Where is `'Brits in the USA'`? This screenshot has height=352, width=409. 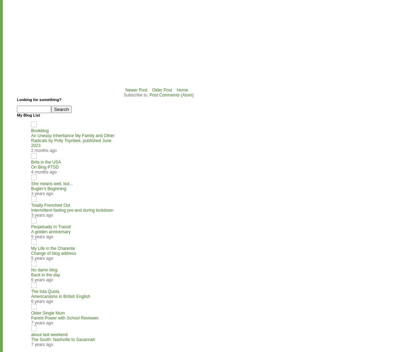 'Brits in the USA' is located at coordinates (46, 162).